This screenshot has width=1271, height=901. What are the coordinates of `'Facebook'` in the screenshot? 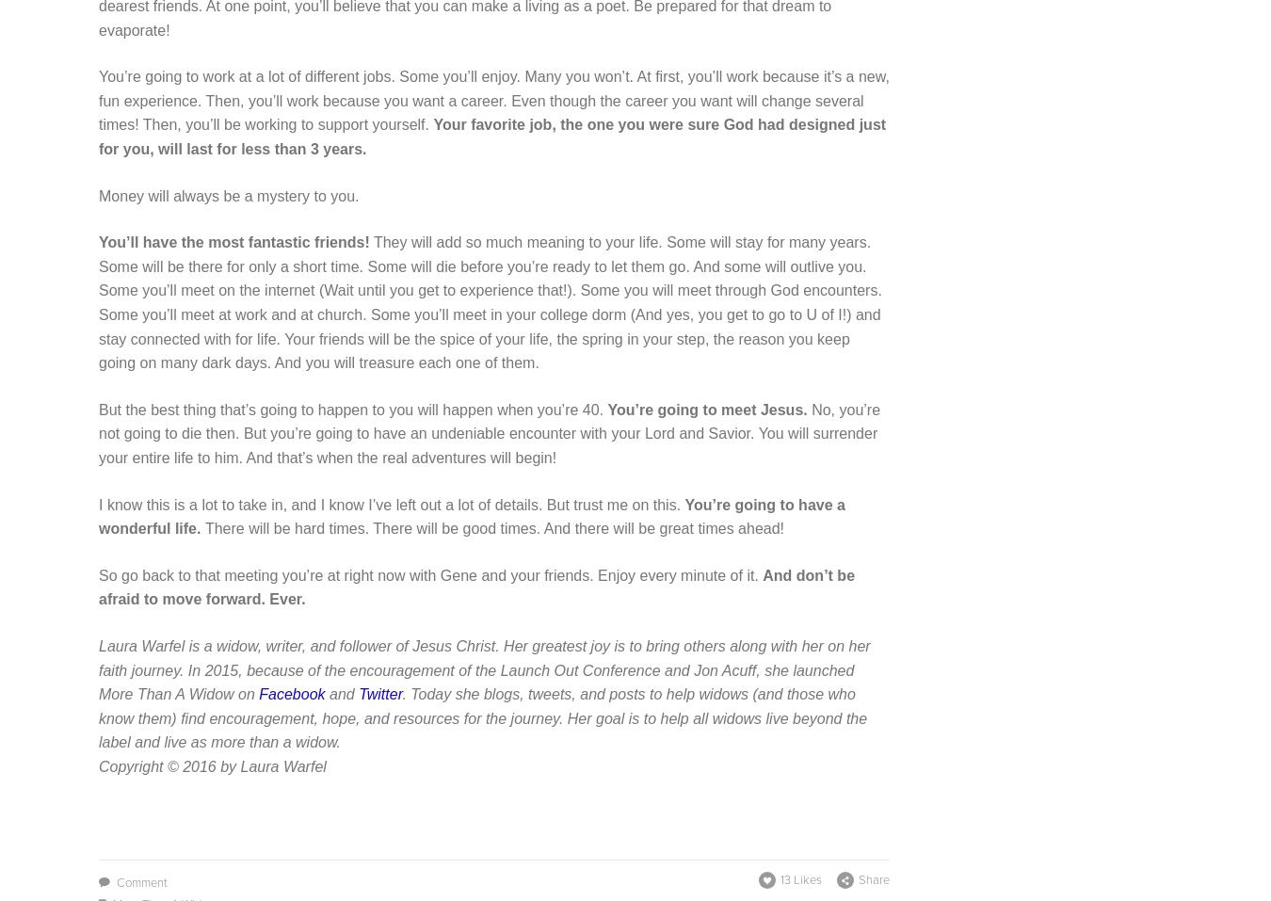 It's located at (290, 694).